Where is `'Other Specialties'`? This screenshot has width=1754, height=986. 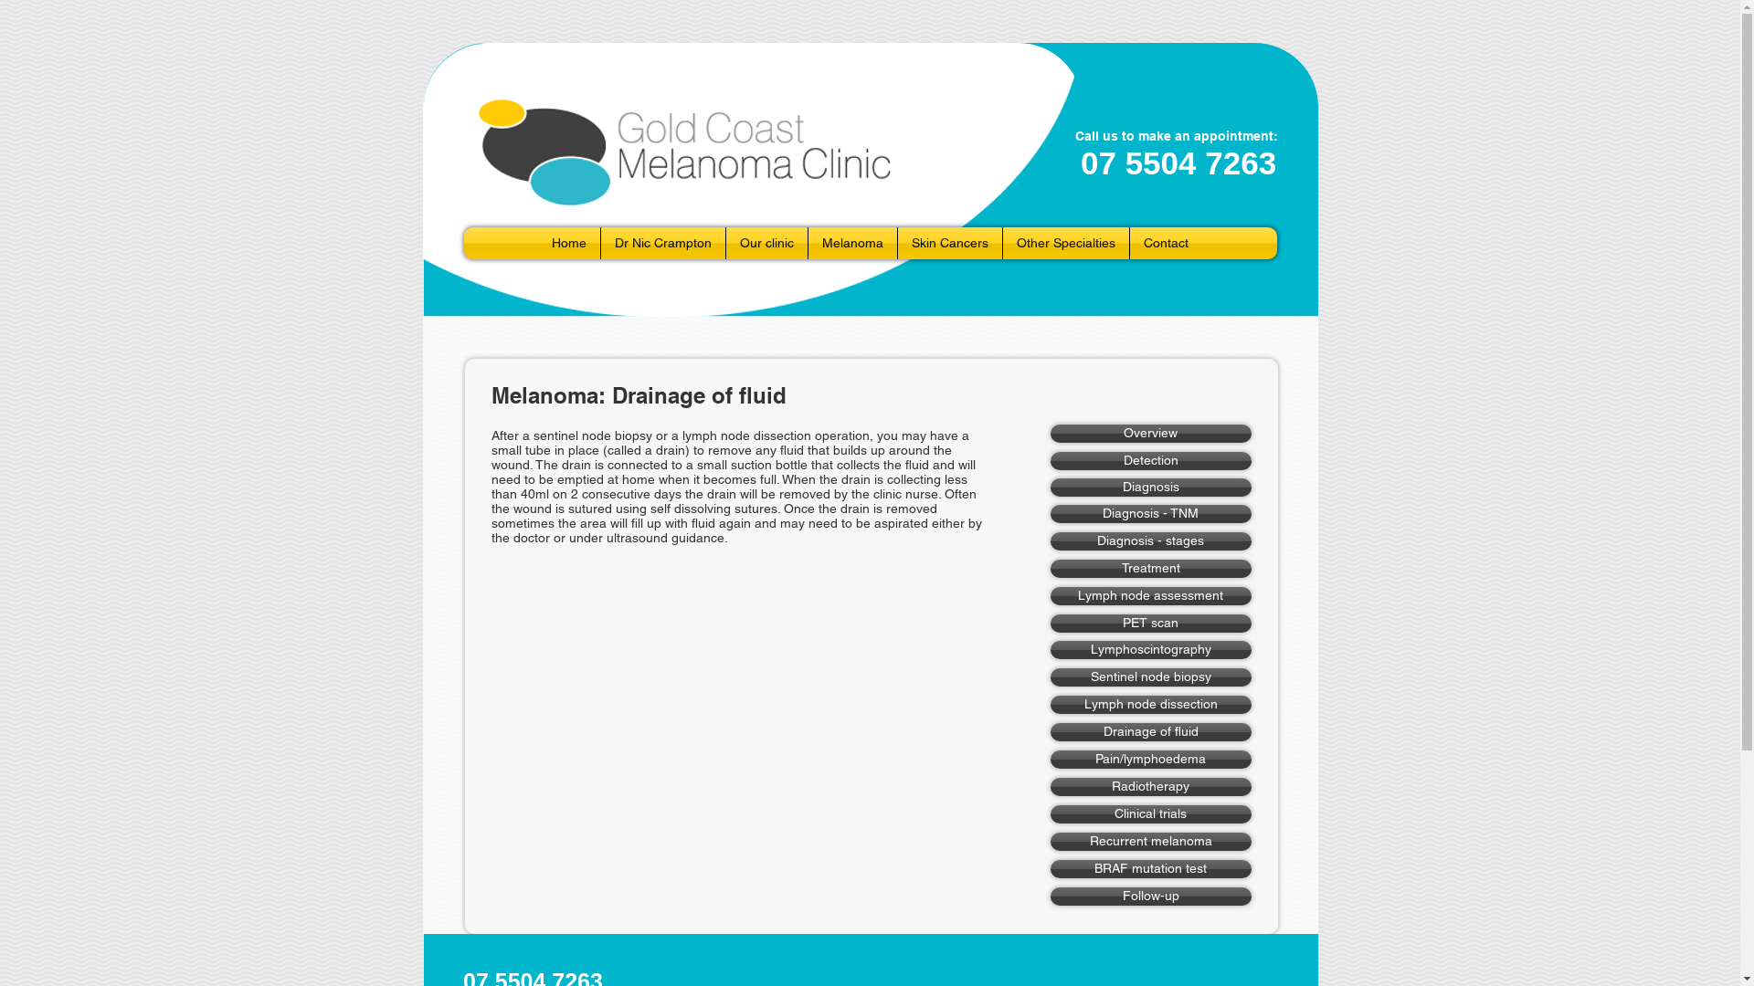 'Other Specialties' is located at coordinates (1065, 242).